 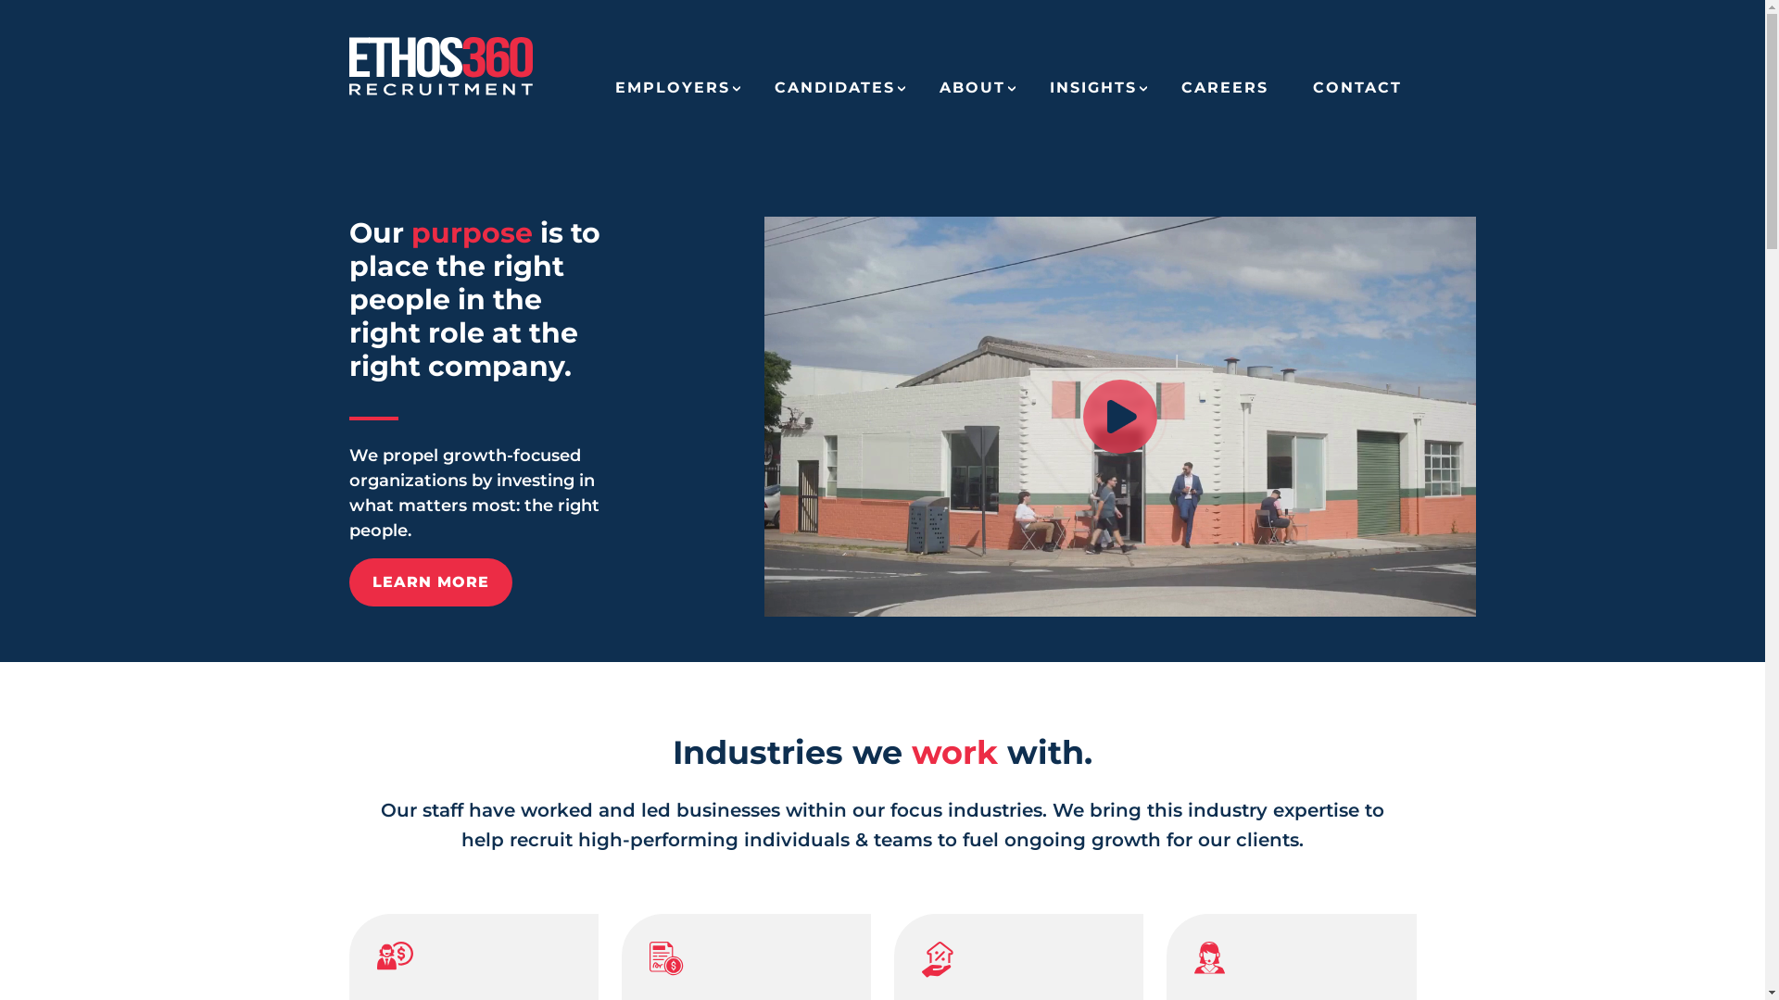 What do you see at coordinates (1223, 94) in the screenshot?
I see `'CAREERS'` at bounding box center [1223, 94].